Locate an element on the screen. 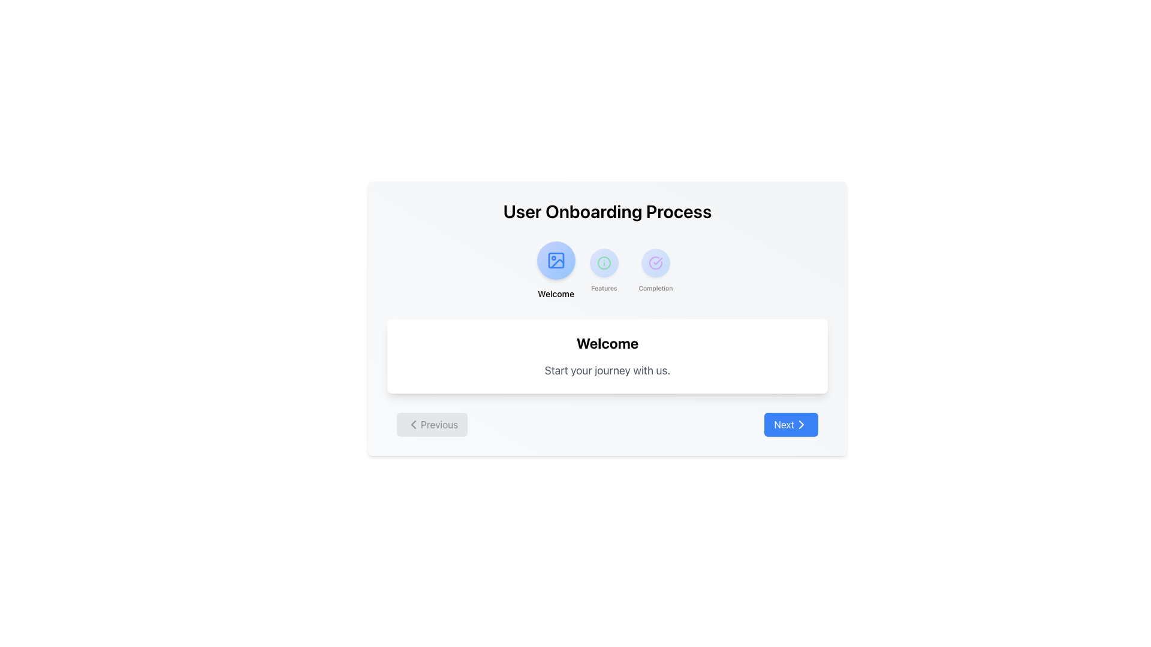  the SVG icon that visually indicates navigation to the previous step, located to the left of the 'Previous' button at the bottom left of the viewport is located at coordinates (414, 424).